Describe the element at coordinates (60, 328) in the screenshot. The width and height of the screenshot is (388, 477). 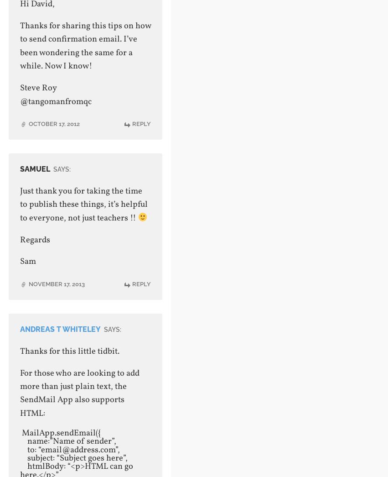
I see `'Andreas T Whiteley'` at that location.